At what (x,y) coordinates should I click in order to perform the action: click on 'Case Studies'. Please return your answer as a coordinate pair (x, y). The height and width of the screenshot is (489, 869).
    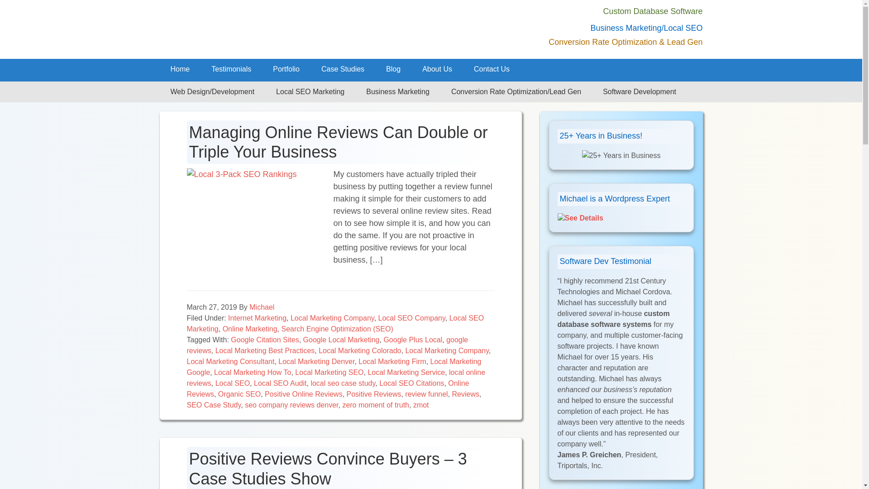
    Looking at the image, I should click on (342, 69).